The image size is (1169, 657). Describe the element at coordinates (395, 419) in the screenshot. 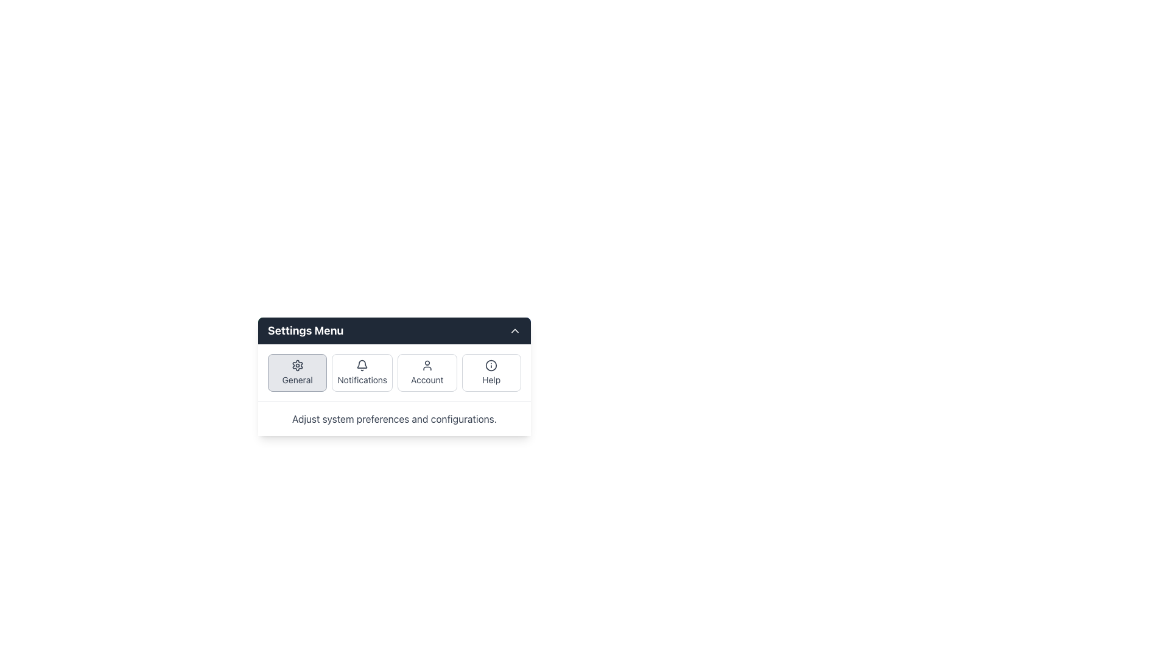

I see `the static text label located below the row of buttons labeled 'General,' 'Notifications,' 'Account,' and 'Help' to emphasize it` at that location.